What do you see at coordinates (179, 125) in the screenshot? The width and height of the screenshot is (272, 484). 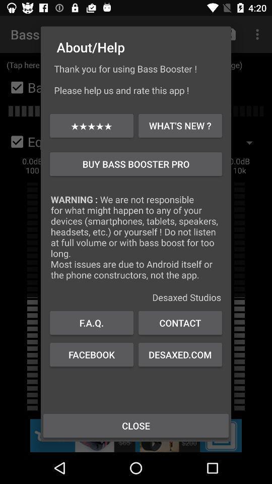 I see `what's new ?` at bounding box center [179, 125].